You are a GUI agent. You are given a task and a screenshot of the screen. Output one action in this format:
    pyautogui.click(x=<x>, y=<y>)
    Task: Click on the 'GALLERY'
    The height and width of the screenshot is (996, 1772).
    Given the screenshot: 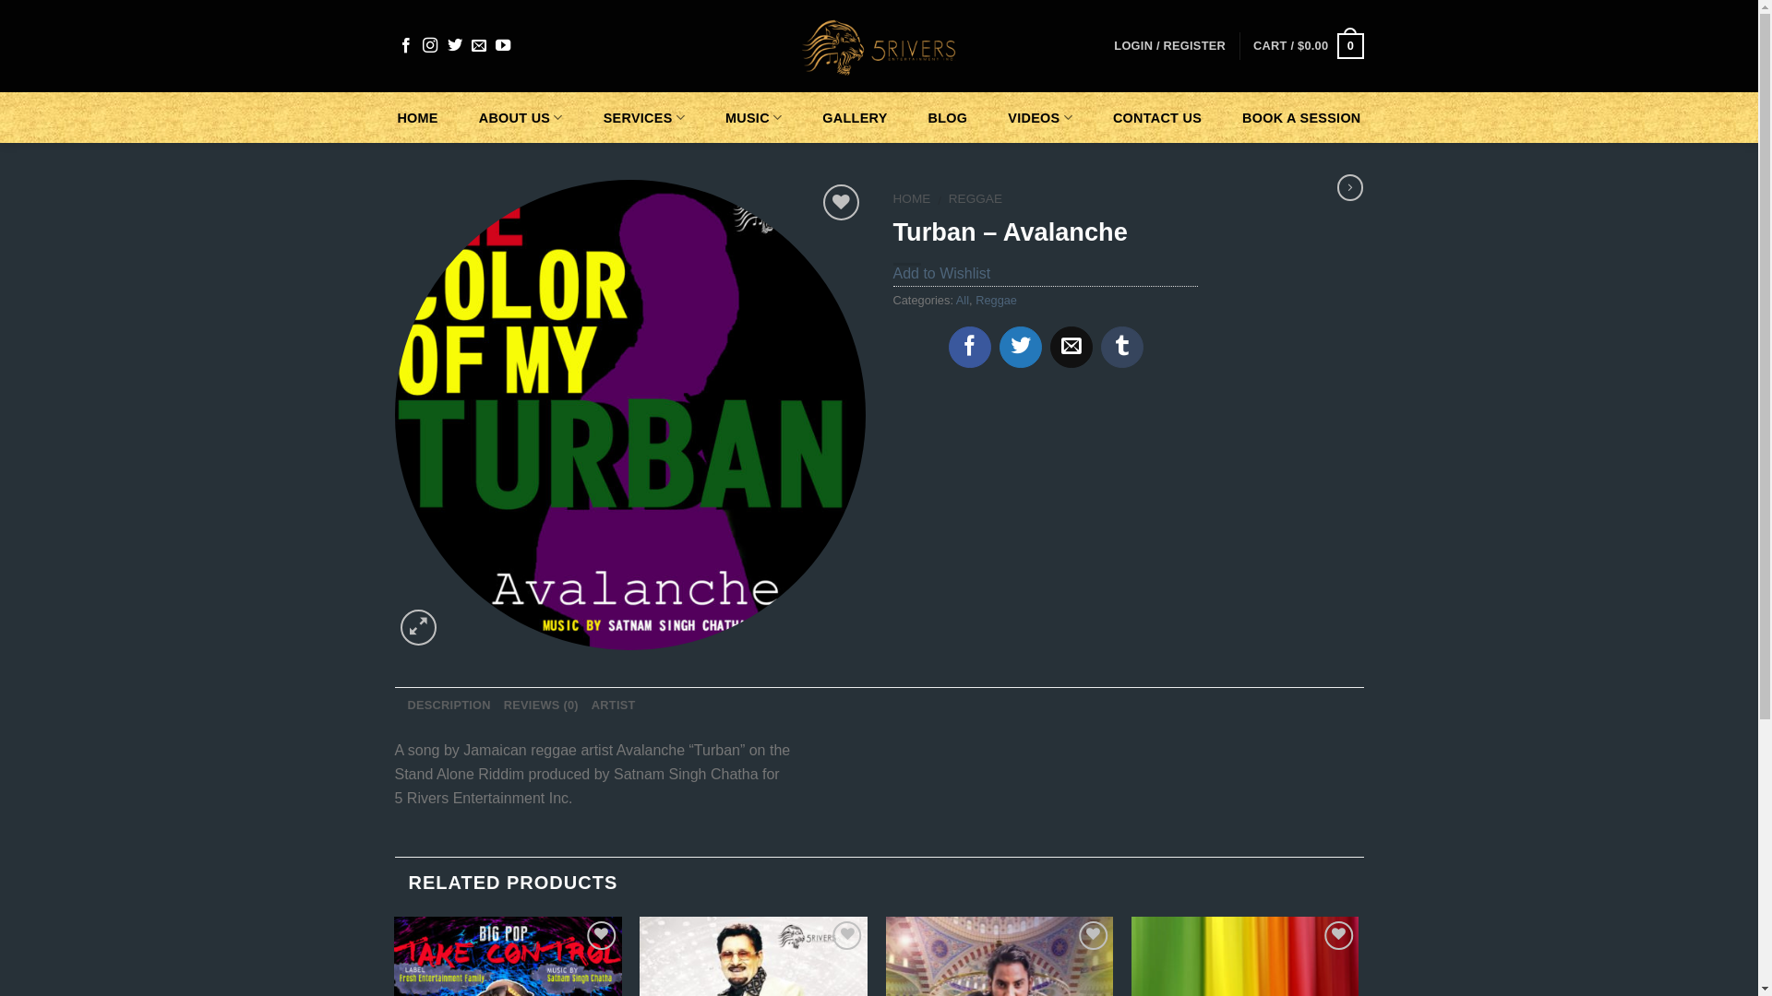 What is the action you would take?
    pyautogui.click(x=854, y=117)
    